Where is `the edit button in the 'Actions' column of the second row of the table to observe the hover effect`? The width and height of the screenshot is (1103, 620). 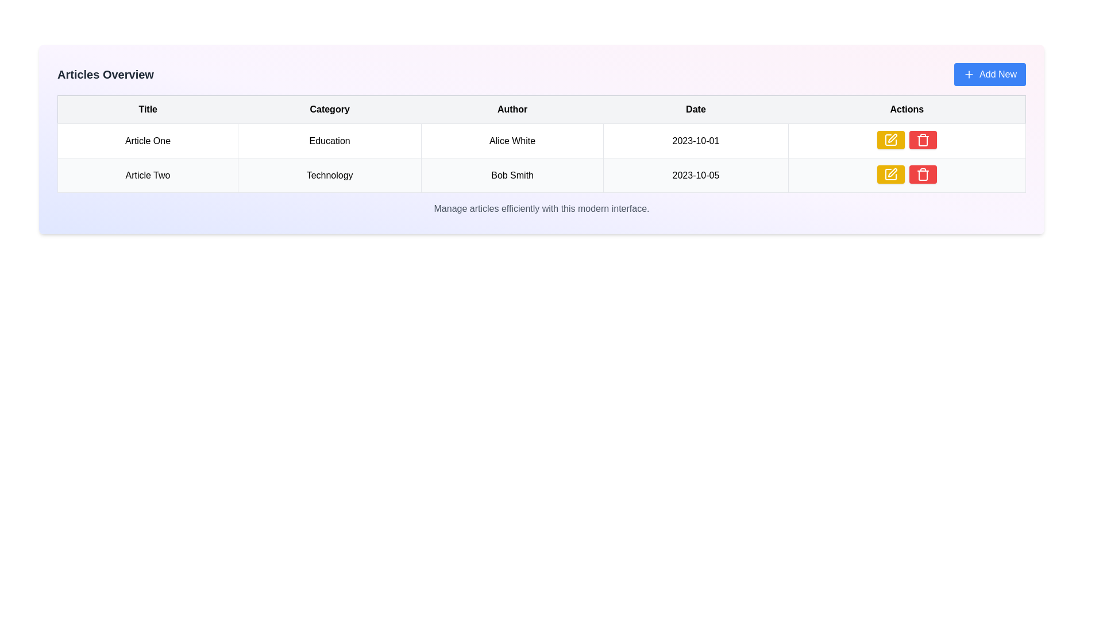 the edit button in the 'Actions' column of the second row of the table to observe the hover effect is located at coordinates (890, 175).